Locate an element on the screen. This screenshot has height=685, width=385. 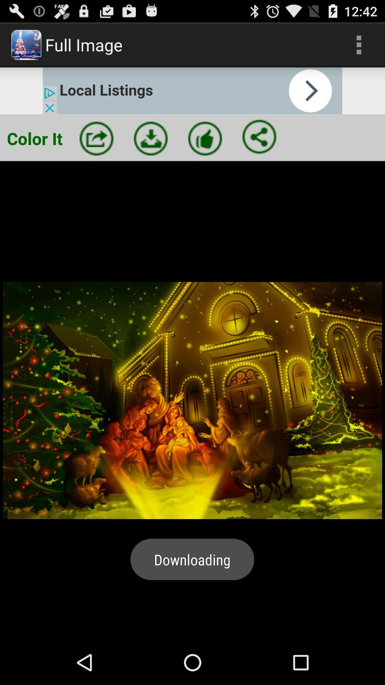
advertisement link is located at coordinates (192, 90).